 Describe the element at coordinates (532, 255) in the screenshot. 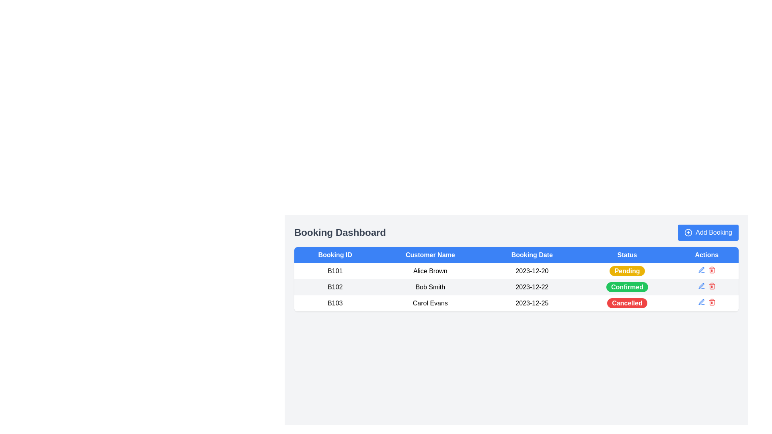

I see `text 'Booking Date' from the header label of the 'Booking Date' column in the table, which is the third column header located between 'Customer Name' and 'Status'` at that location.